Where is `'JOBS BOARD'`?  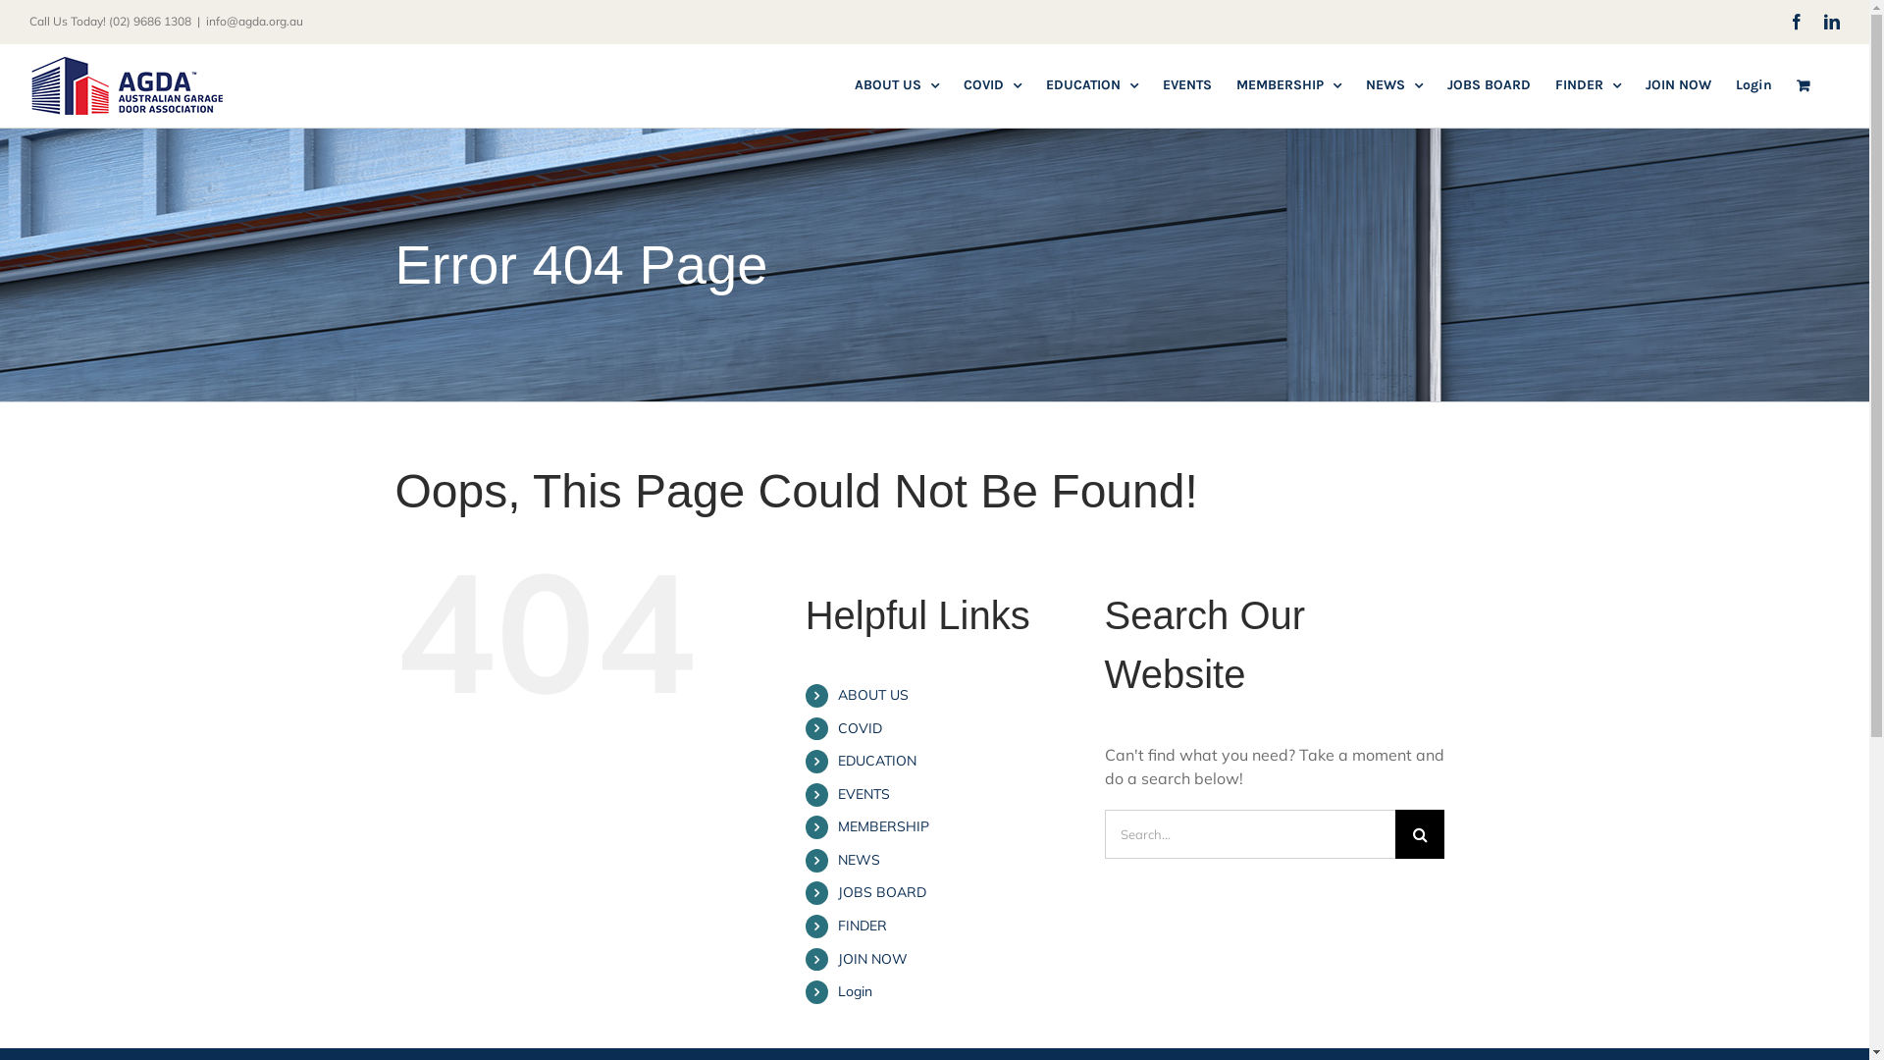
'JOBS BOARD' is located at coordinates (1489, 84).